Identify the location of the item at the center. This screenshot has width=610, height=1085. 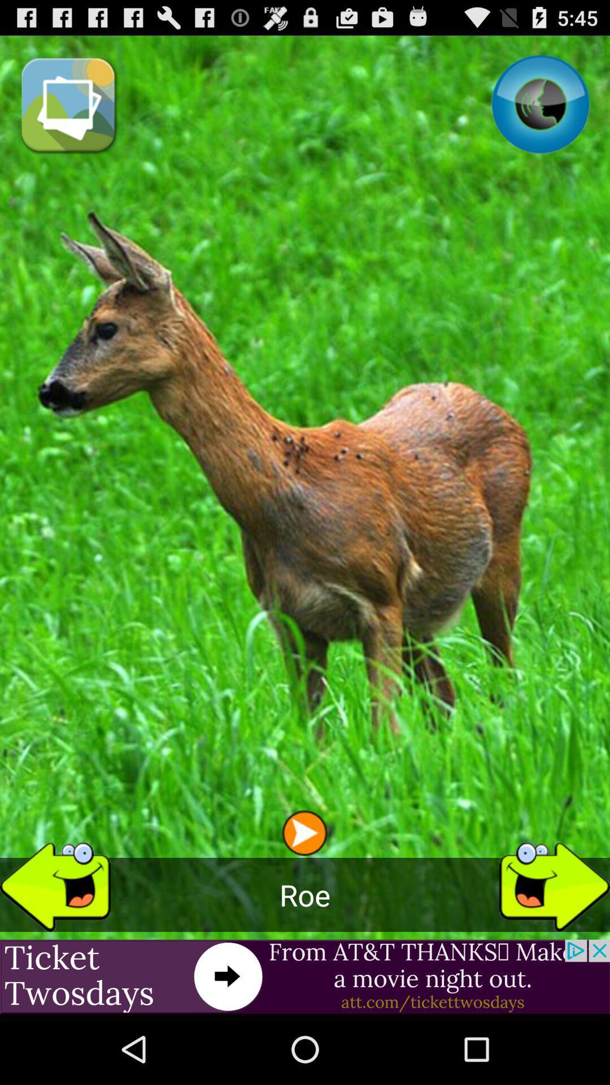
(305, 524).